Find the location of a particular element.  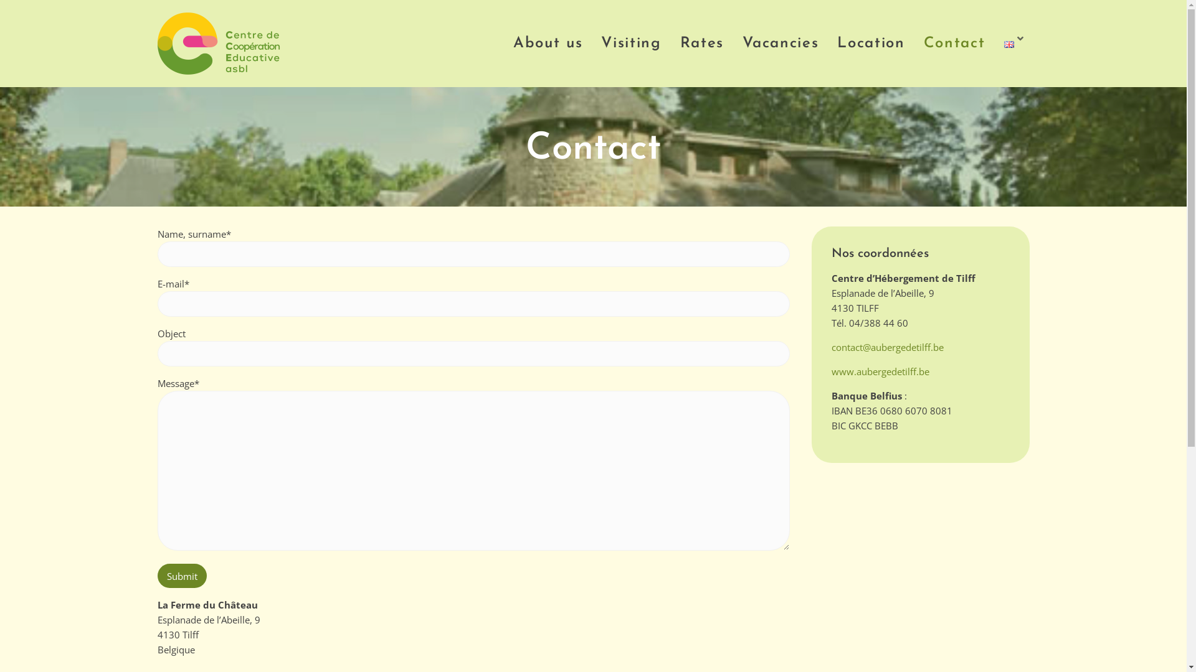

'About us' is located at coordinates (548, 42).